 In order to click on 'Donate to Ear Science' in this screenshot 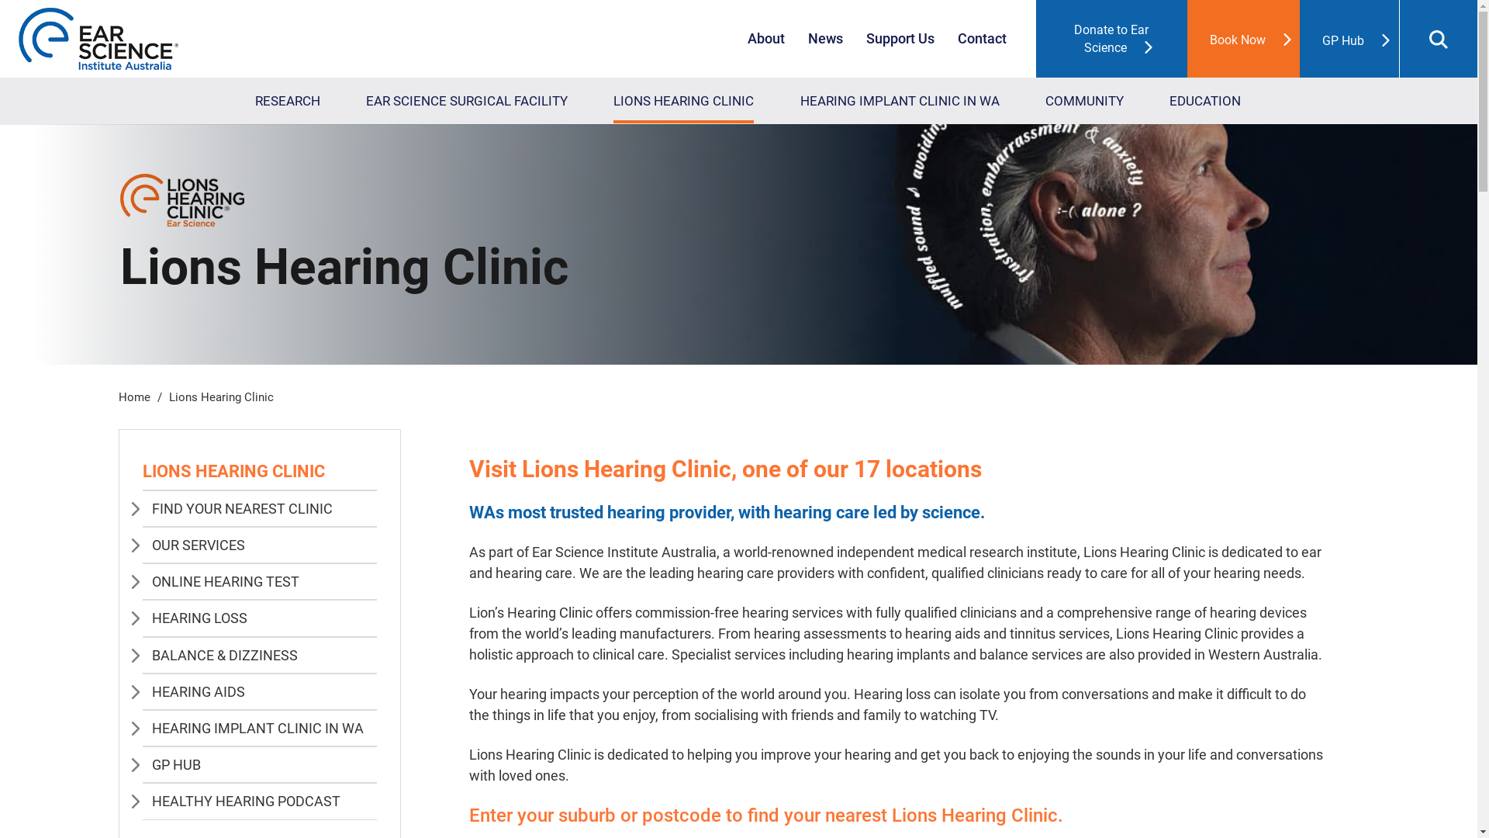, I will do `click(1035, 38)`.